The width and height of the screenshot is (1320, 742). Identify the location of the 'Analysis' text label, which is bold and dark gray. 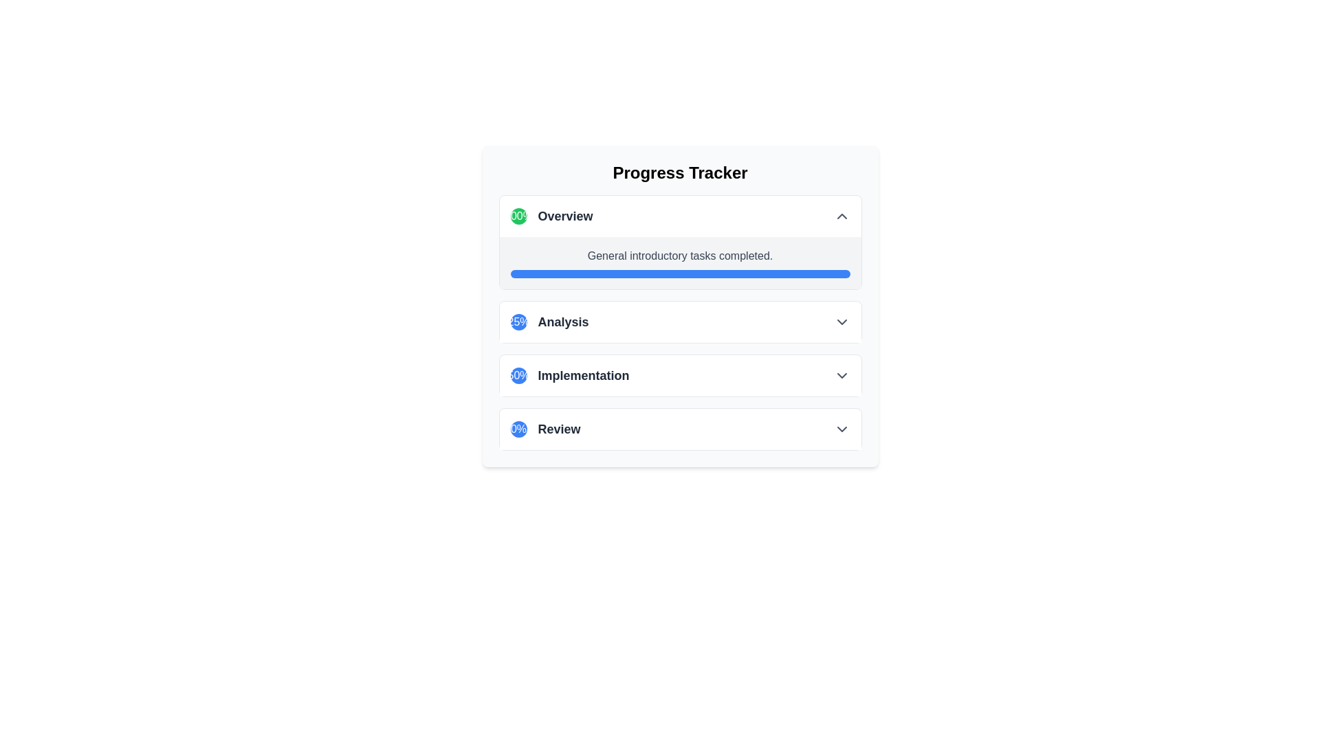
(563, 322).